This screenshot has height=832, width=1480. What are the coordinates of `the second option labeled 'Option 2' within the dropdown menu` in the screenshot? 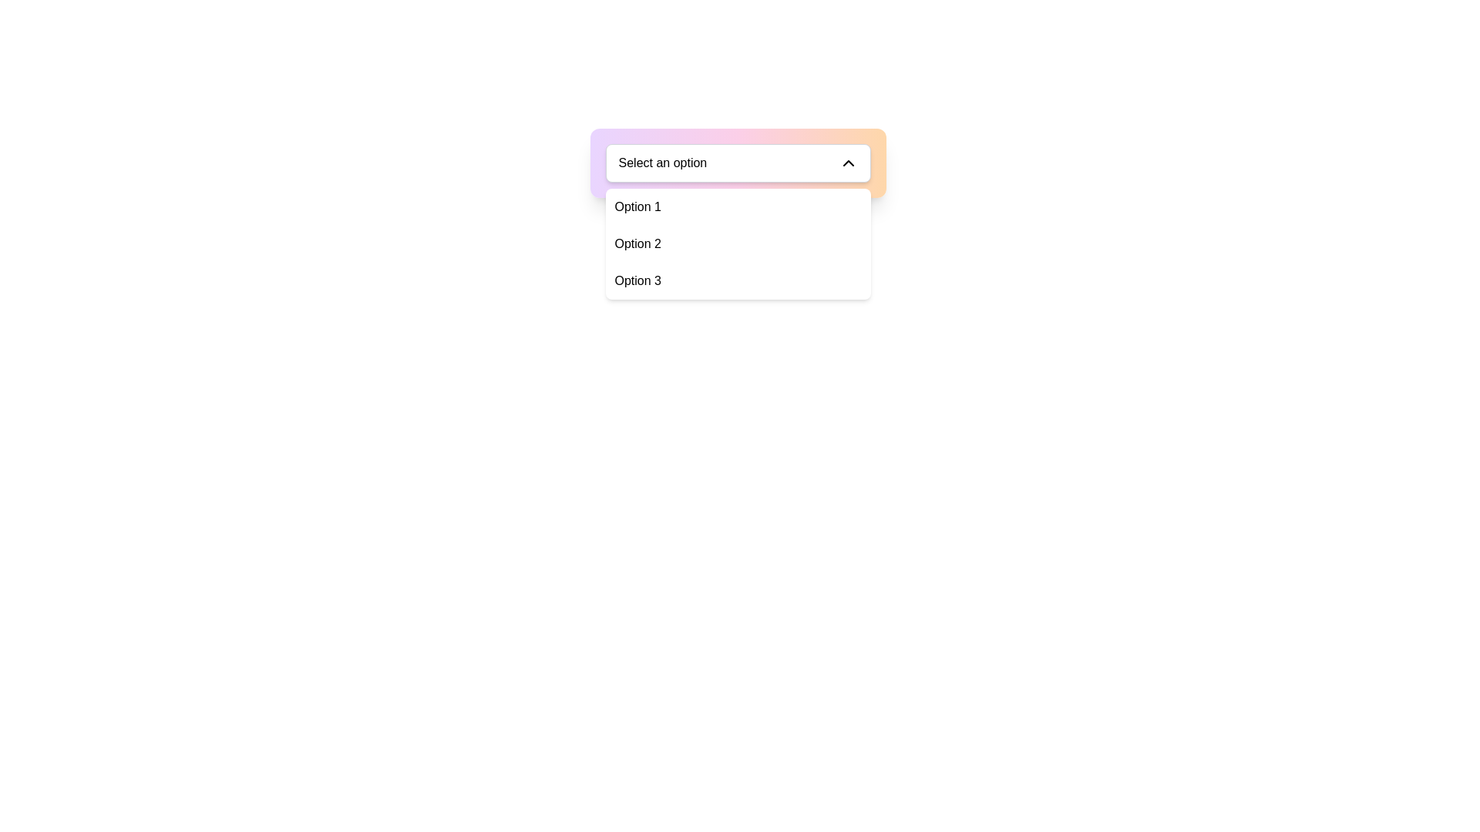 It's located at (637, 243).